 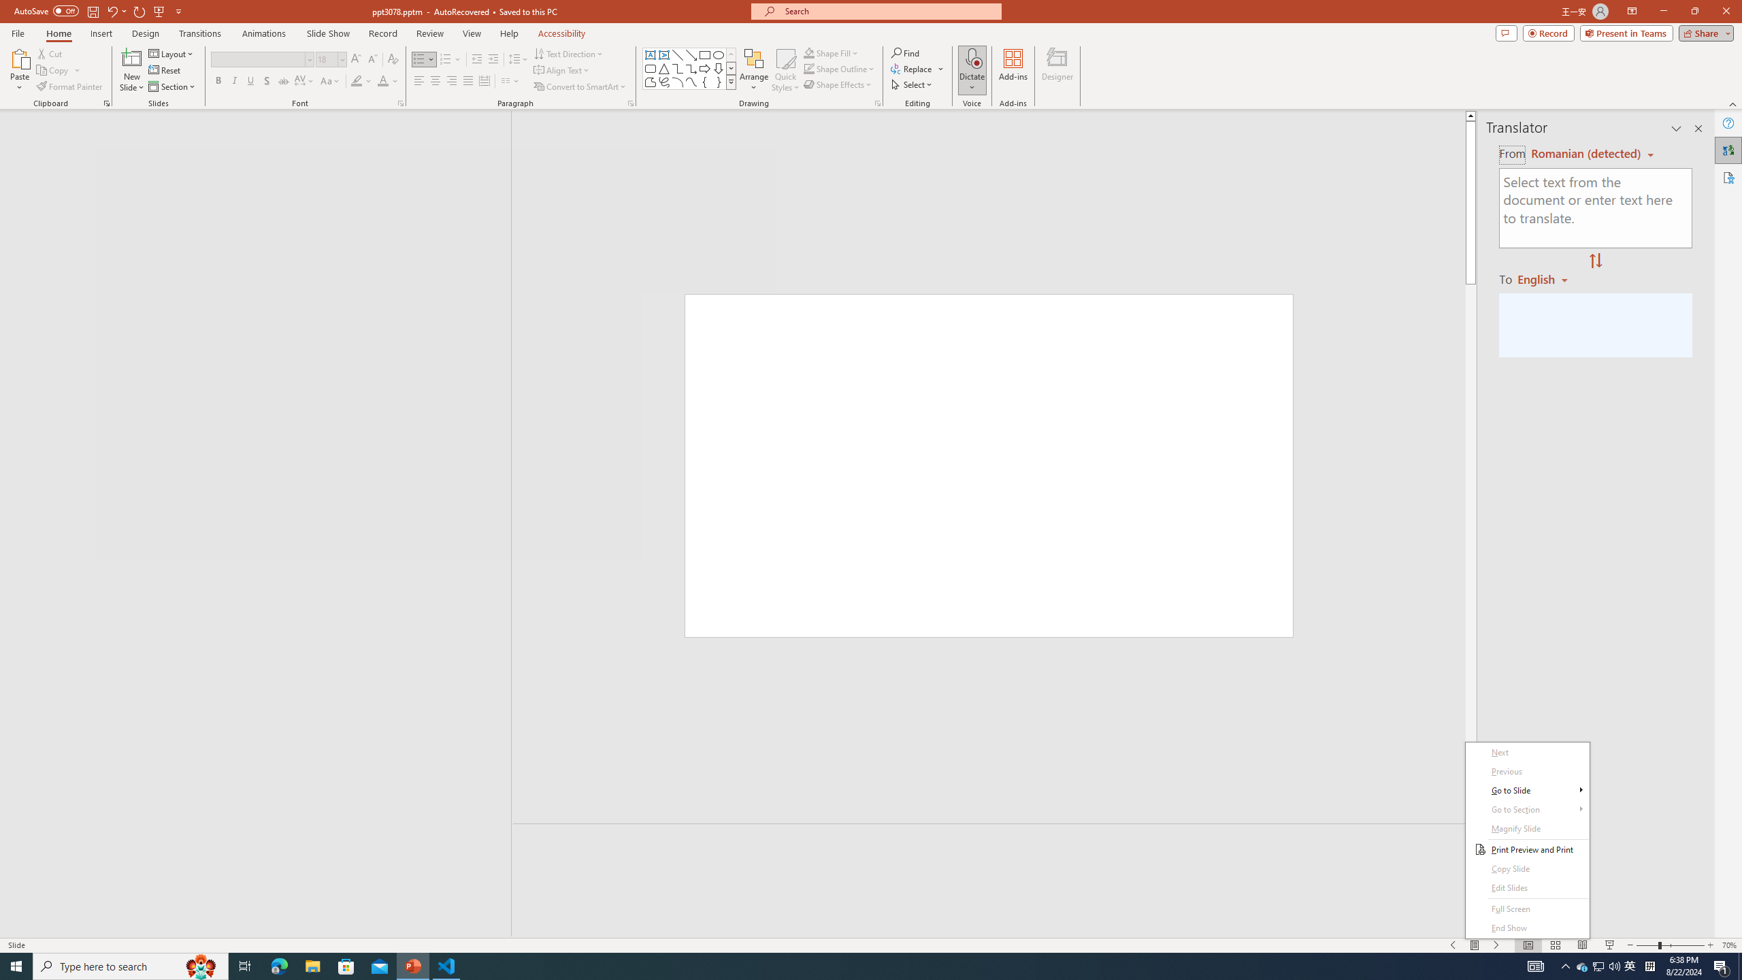 What do you see at coordinates (19, 57) in the screenshot?
I see `'Paste'` at bounding box center [19, 57].